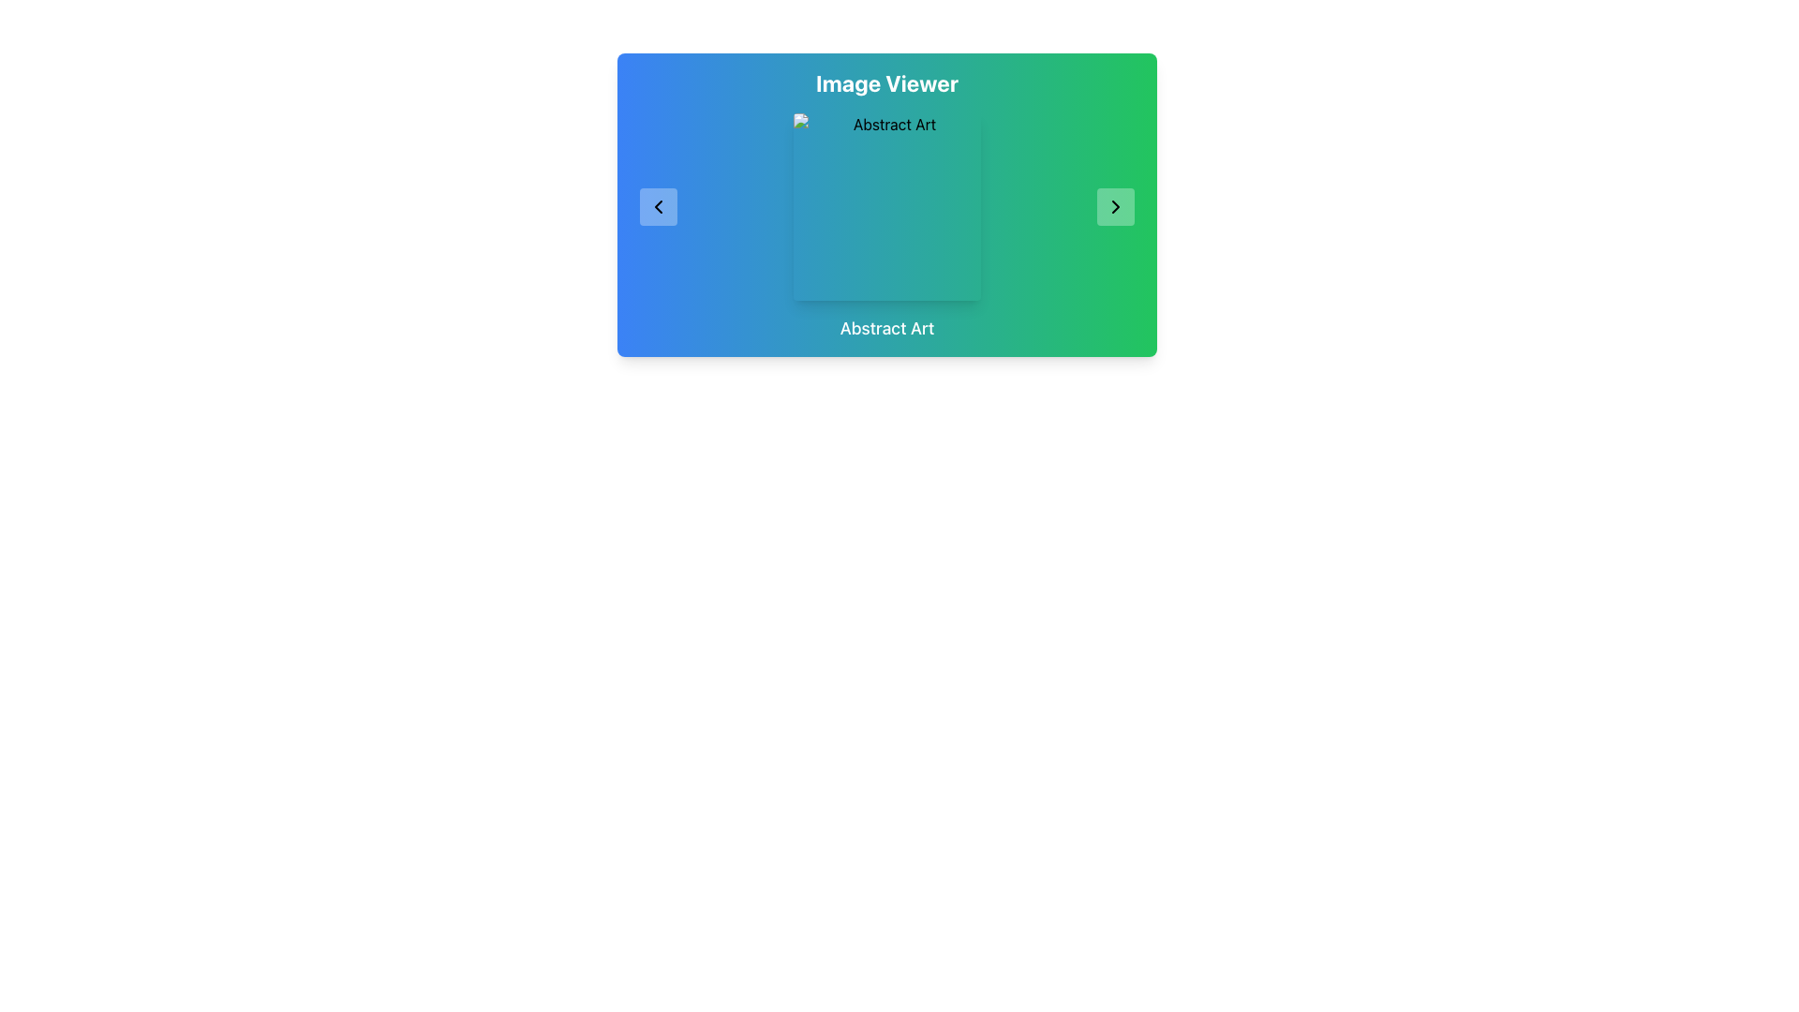 The height and width of the screenshot is (1012, 1799). Describe the element at coordinates (1115, 206) in the screenshot. I see `the arrow icon embedded in the SVG element to invoke navigation forward or rightwards in the interface` at that location.